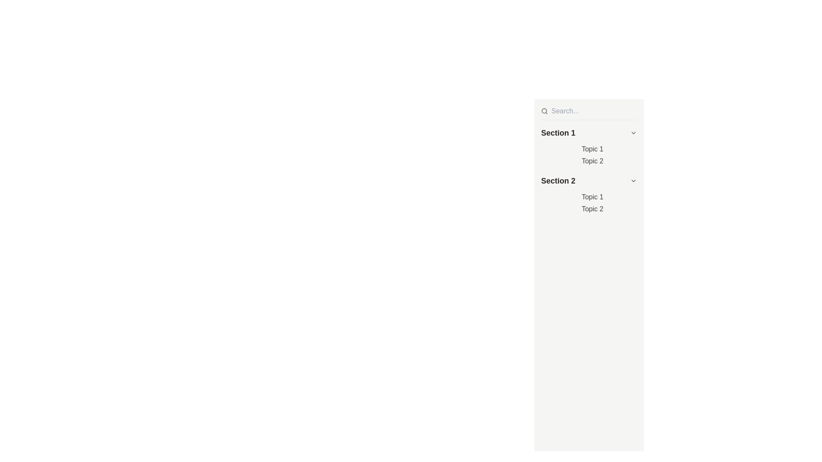 The width and height of the screenshot is (822, 462). I want to click on the hyperlink labeled 'Topic 2' located under the 'Section 2' heading, which is the second item following 'Topic 1', so click(592, 209).